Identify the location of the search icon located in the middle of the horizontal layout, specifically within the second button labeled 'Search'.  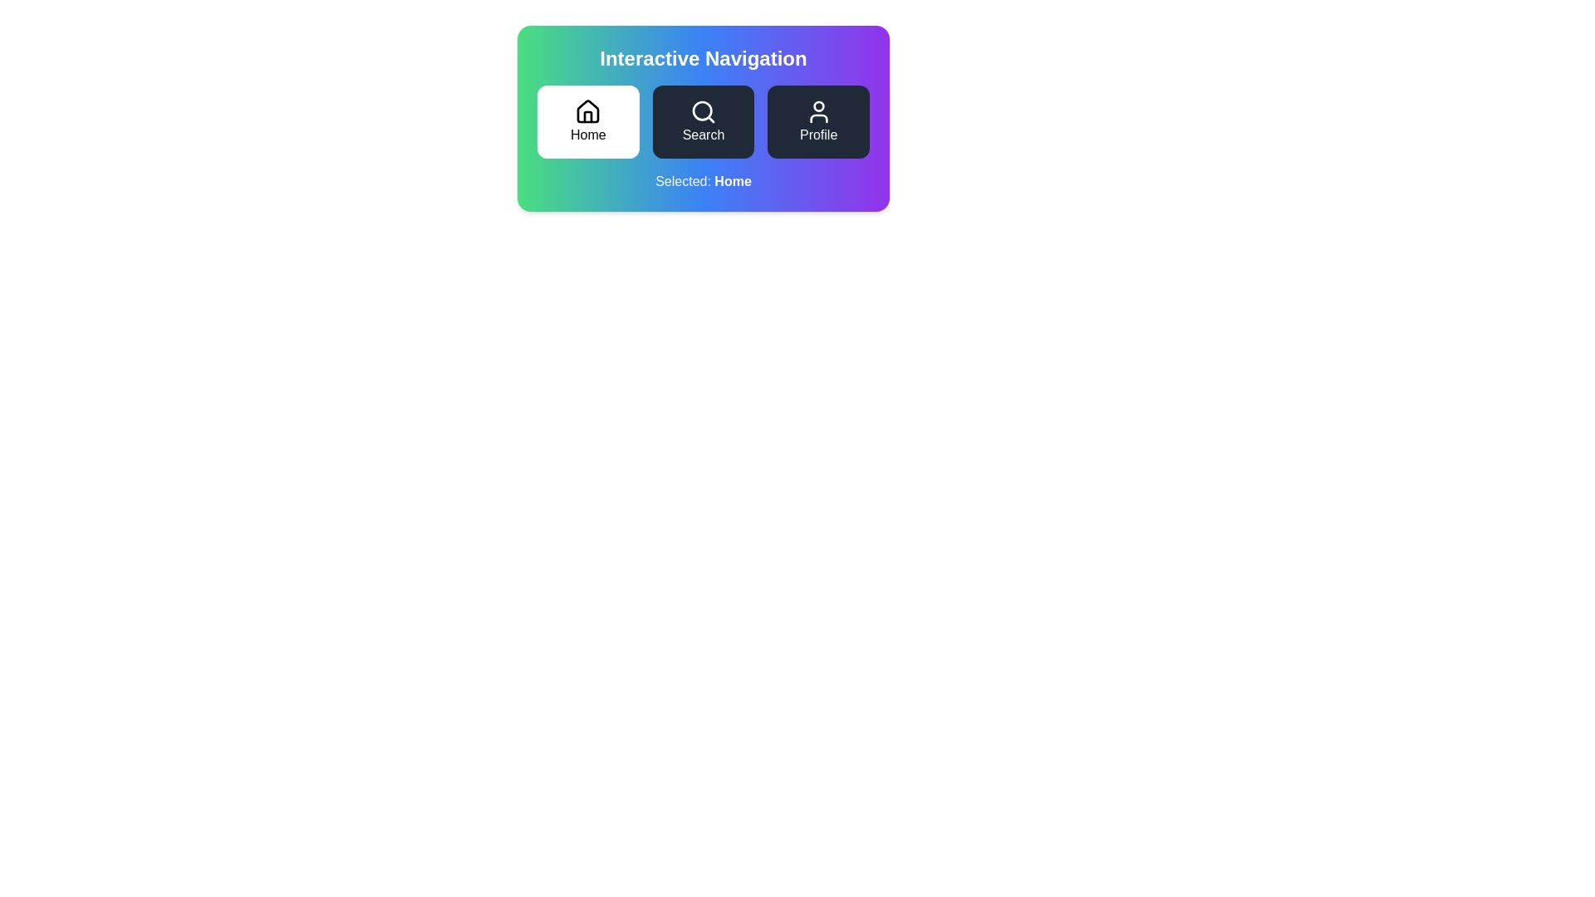
(703, 112).